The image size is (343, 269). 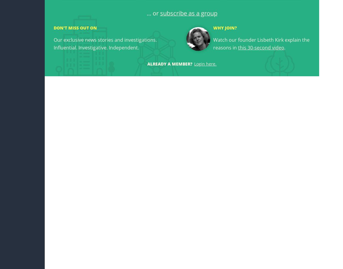 What do you see at coordinates (53, 43) in the screenshot?
I see `'Our exclusive news stories and investigations. Influential. Investigative. Independent.'` at bounding box center [53, 43].